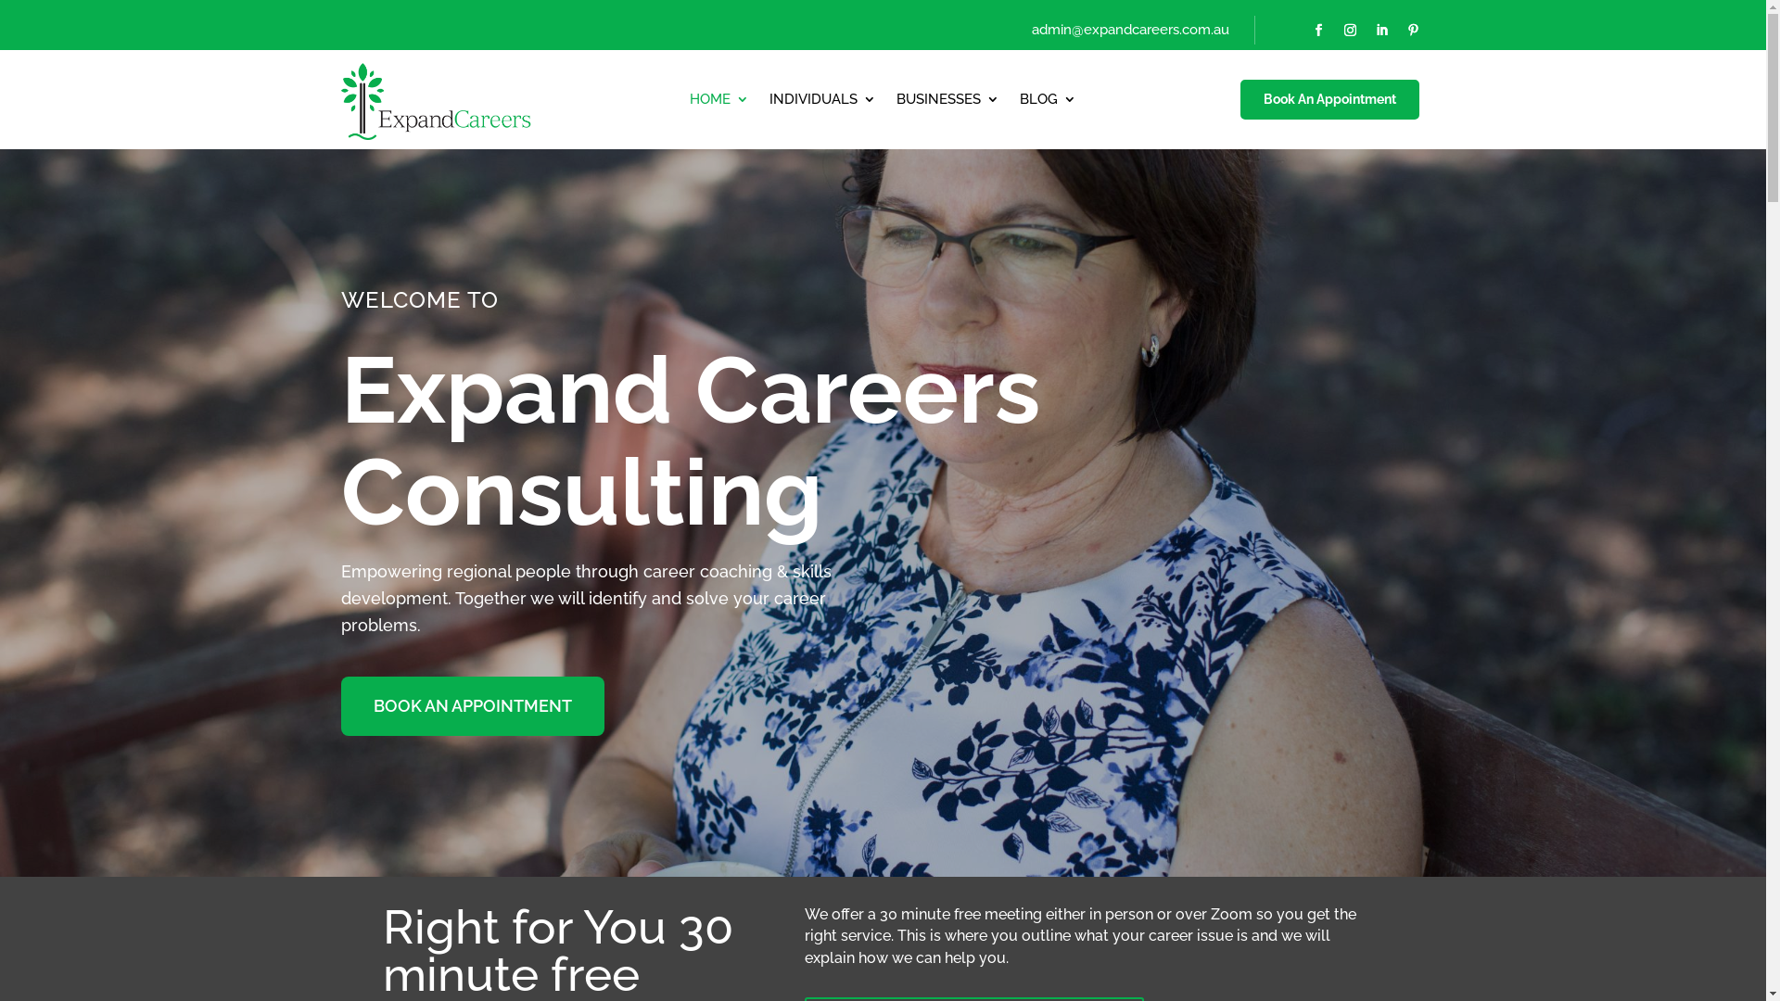 The image size is (1780, 1001). Describe the element at coordinates (821, 103) in the screenshot. I see `'INDIVIDUALS'` at that location.